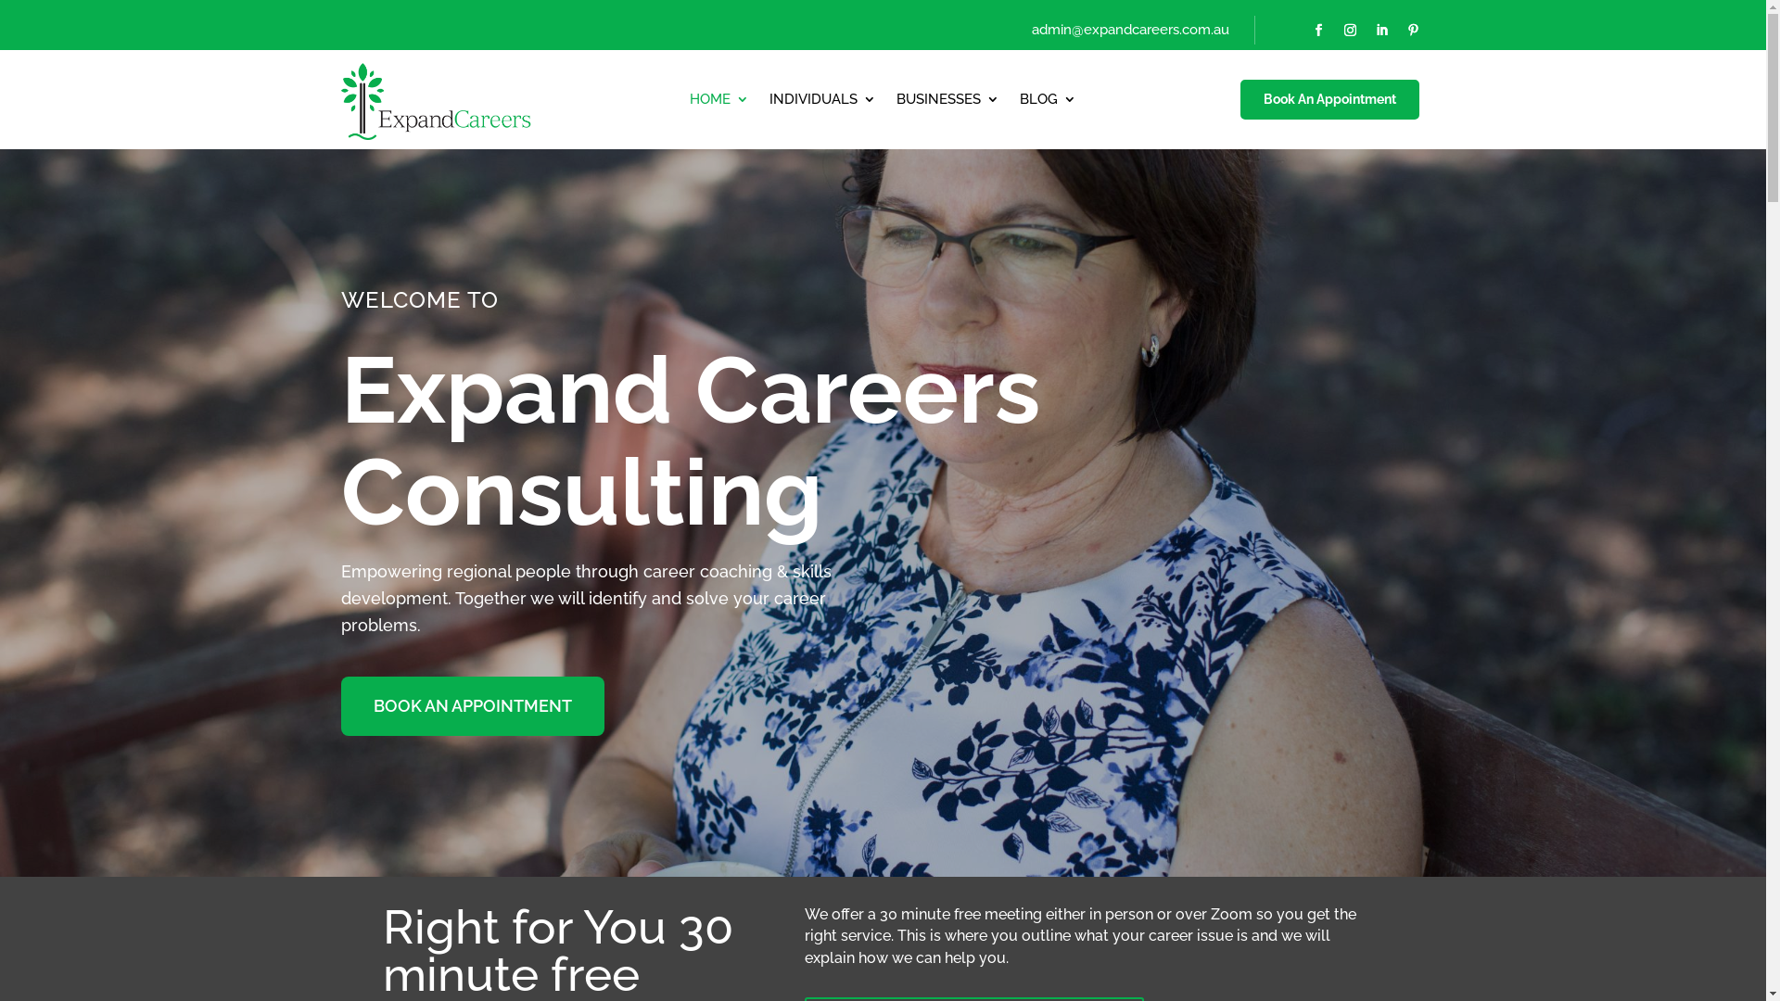 The image size is (1780, 1001). Describe the element at coordinates (821, 103) in the screenshot. I see `'INDIVIDUALS'` at that location.